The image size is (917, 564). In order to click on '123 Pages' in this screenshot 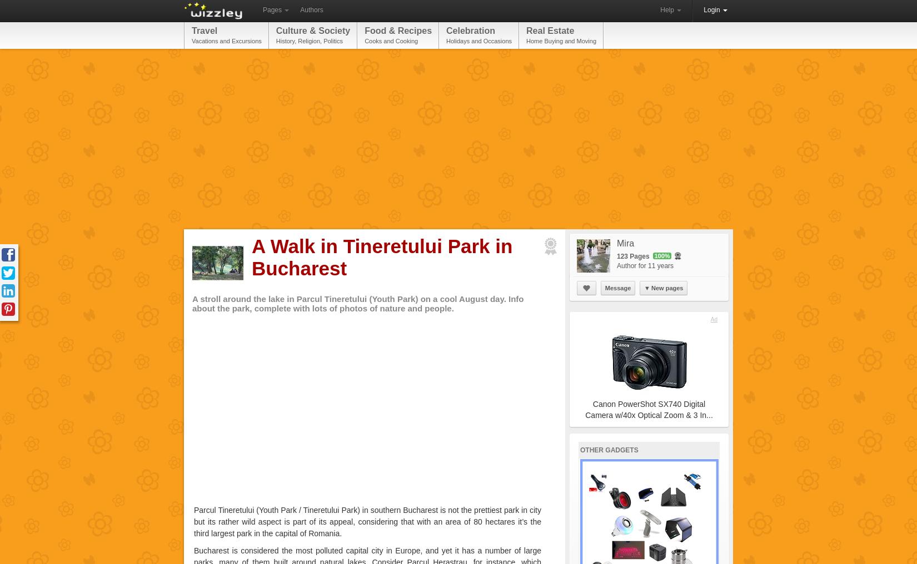, I will do `click(635, 255)`.